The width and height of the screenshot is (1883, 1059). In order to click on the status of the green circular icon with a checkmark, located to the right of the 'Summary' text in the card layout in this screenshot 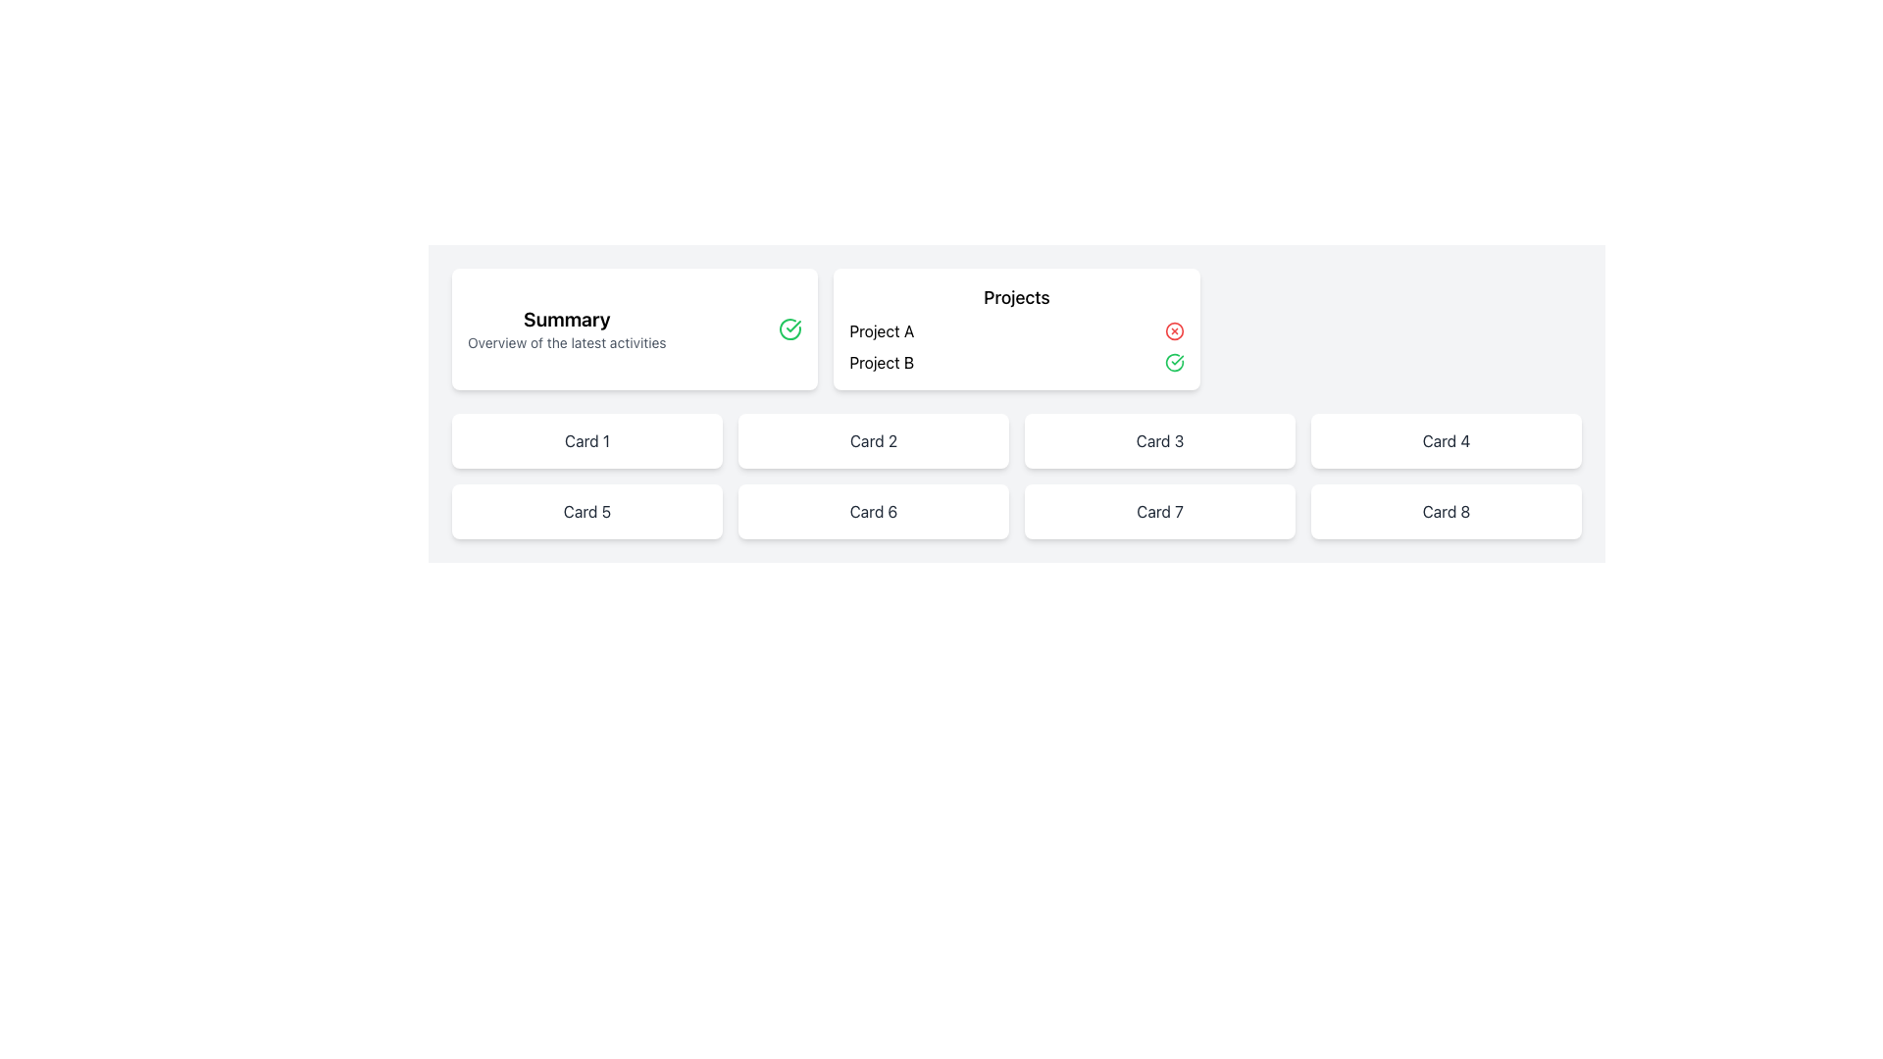, I will do `click(790, 328)`.